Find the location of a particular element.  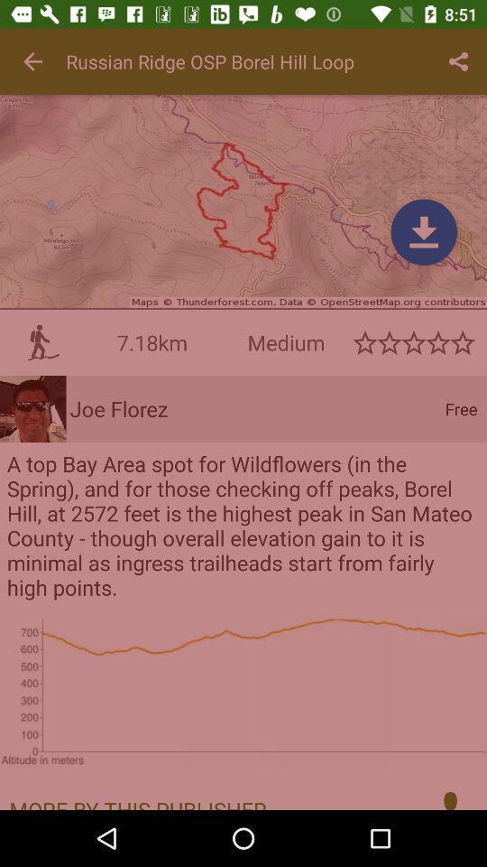

icon at the top left corner is located at coordinates (32, 61).